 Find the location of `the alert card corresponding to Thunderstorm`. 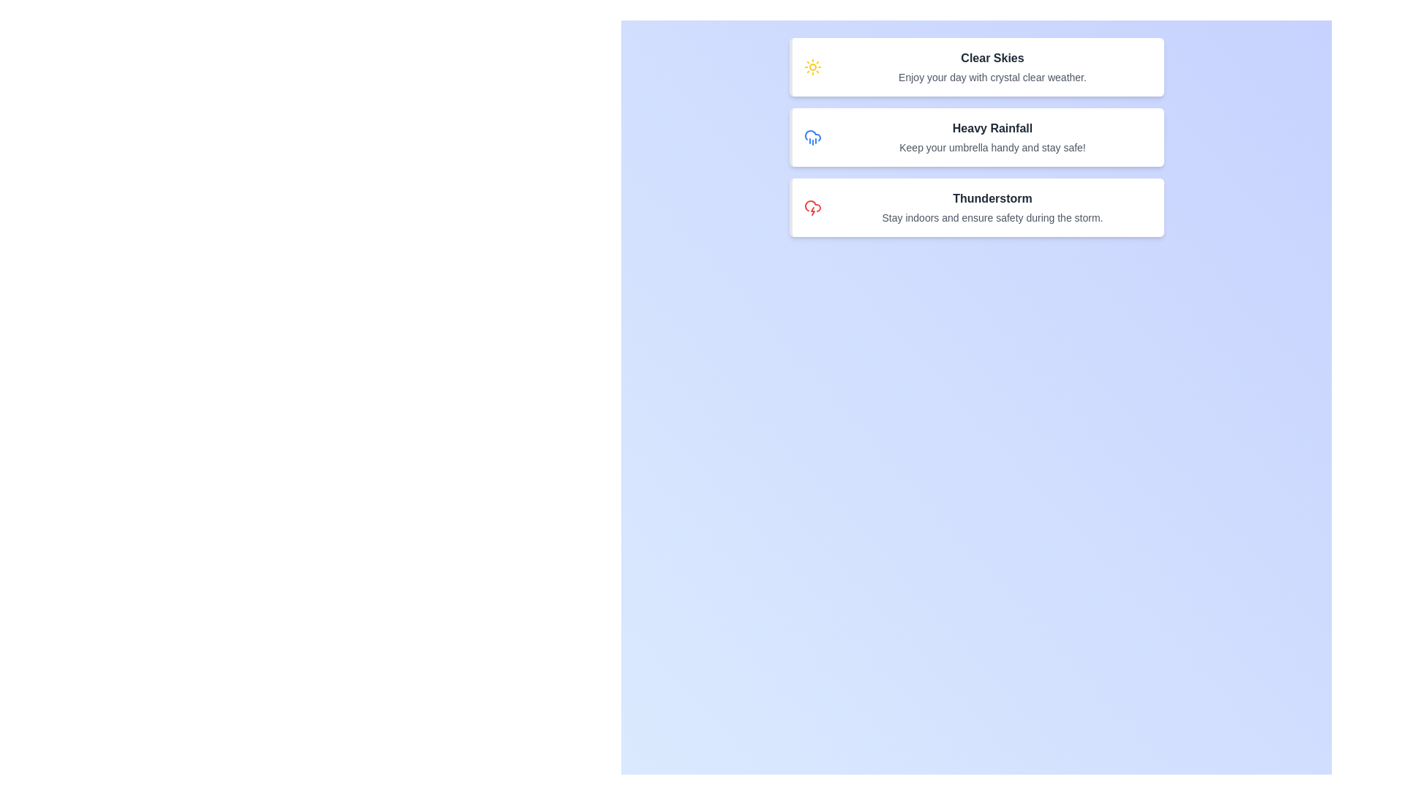

the alert card corresponding to Thunderstorm is located at coordinates (976, 208).